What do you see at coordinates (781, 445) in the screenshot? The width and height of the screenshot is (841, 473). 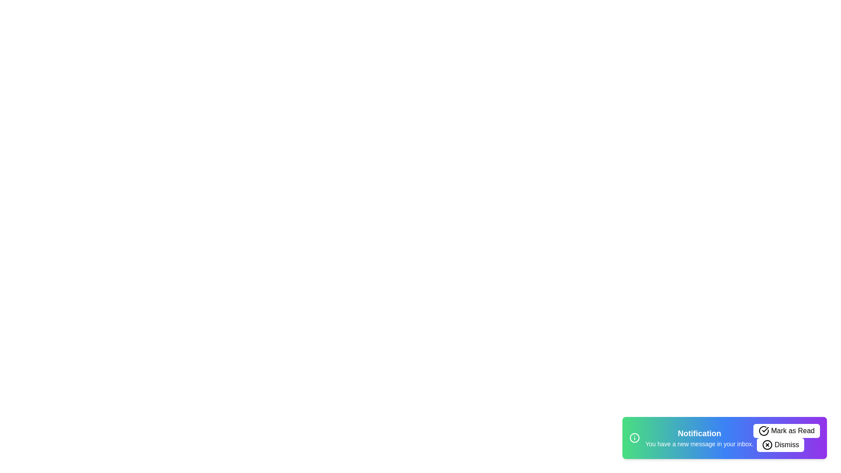 I see `the button labeled 'Dismiss' to observe its hover effect` at bounding box center [781, 445].